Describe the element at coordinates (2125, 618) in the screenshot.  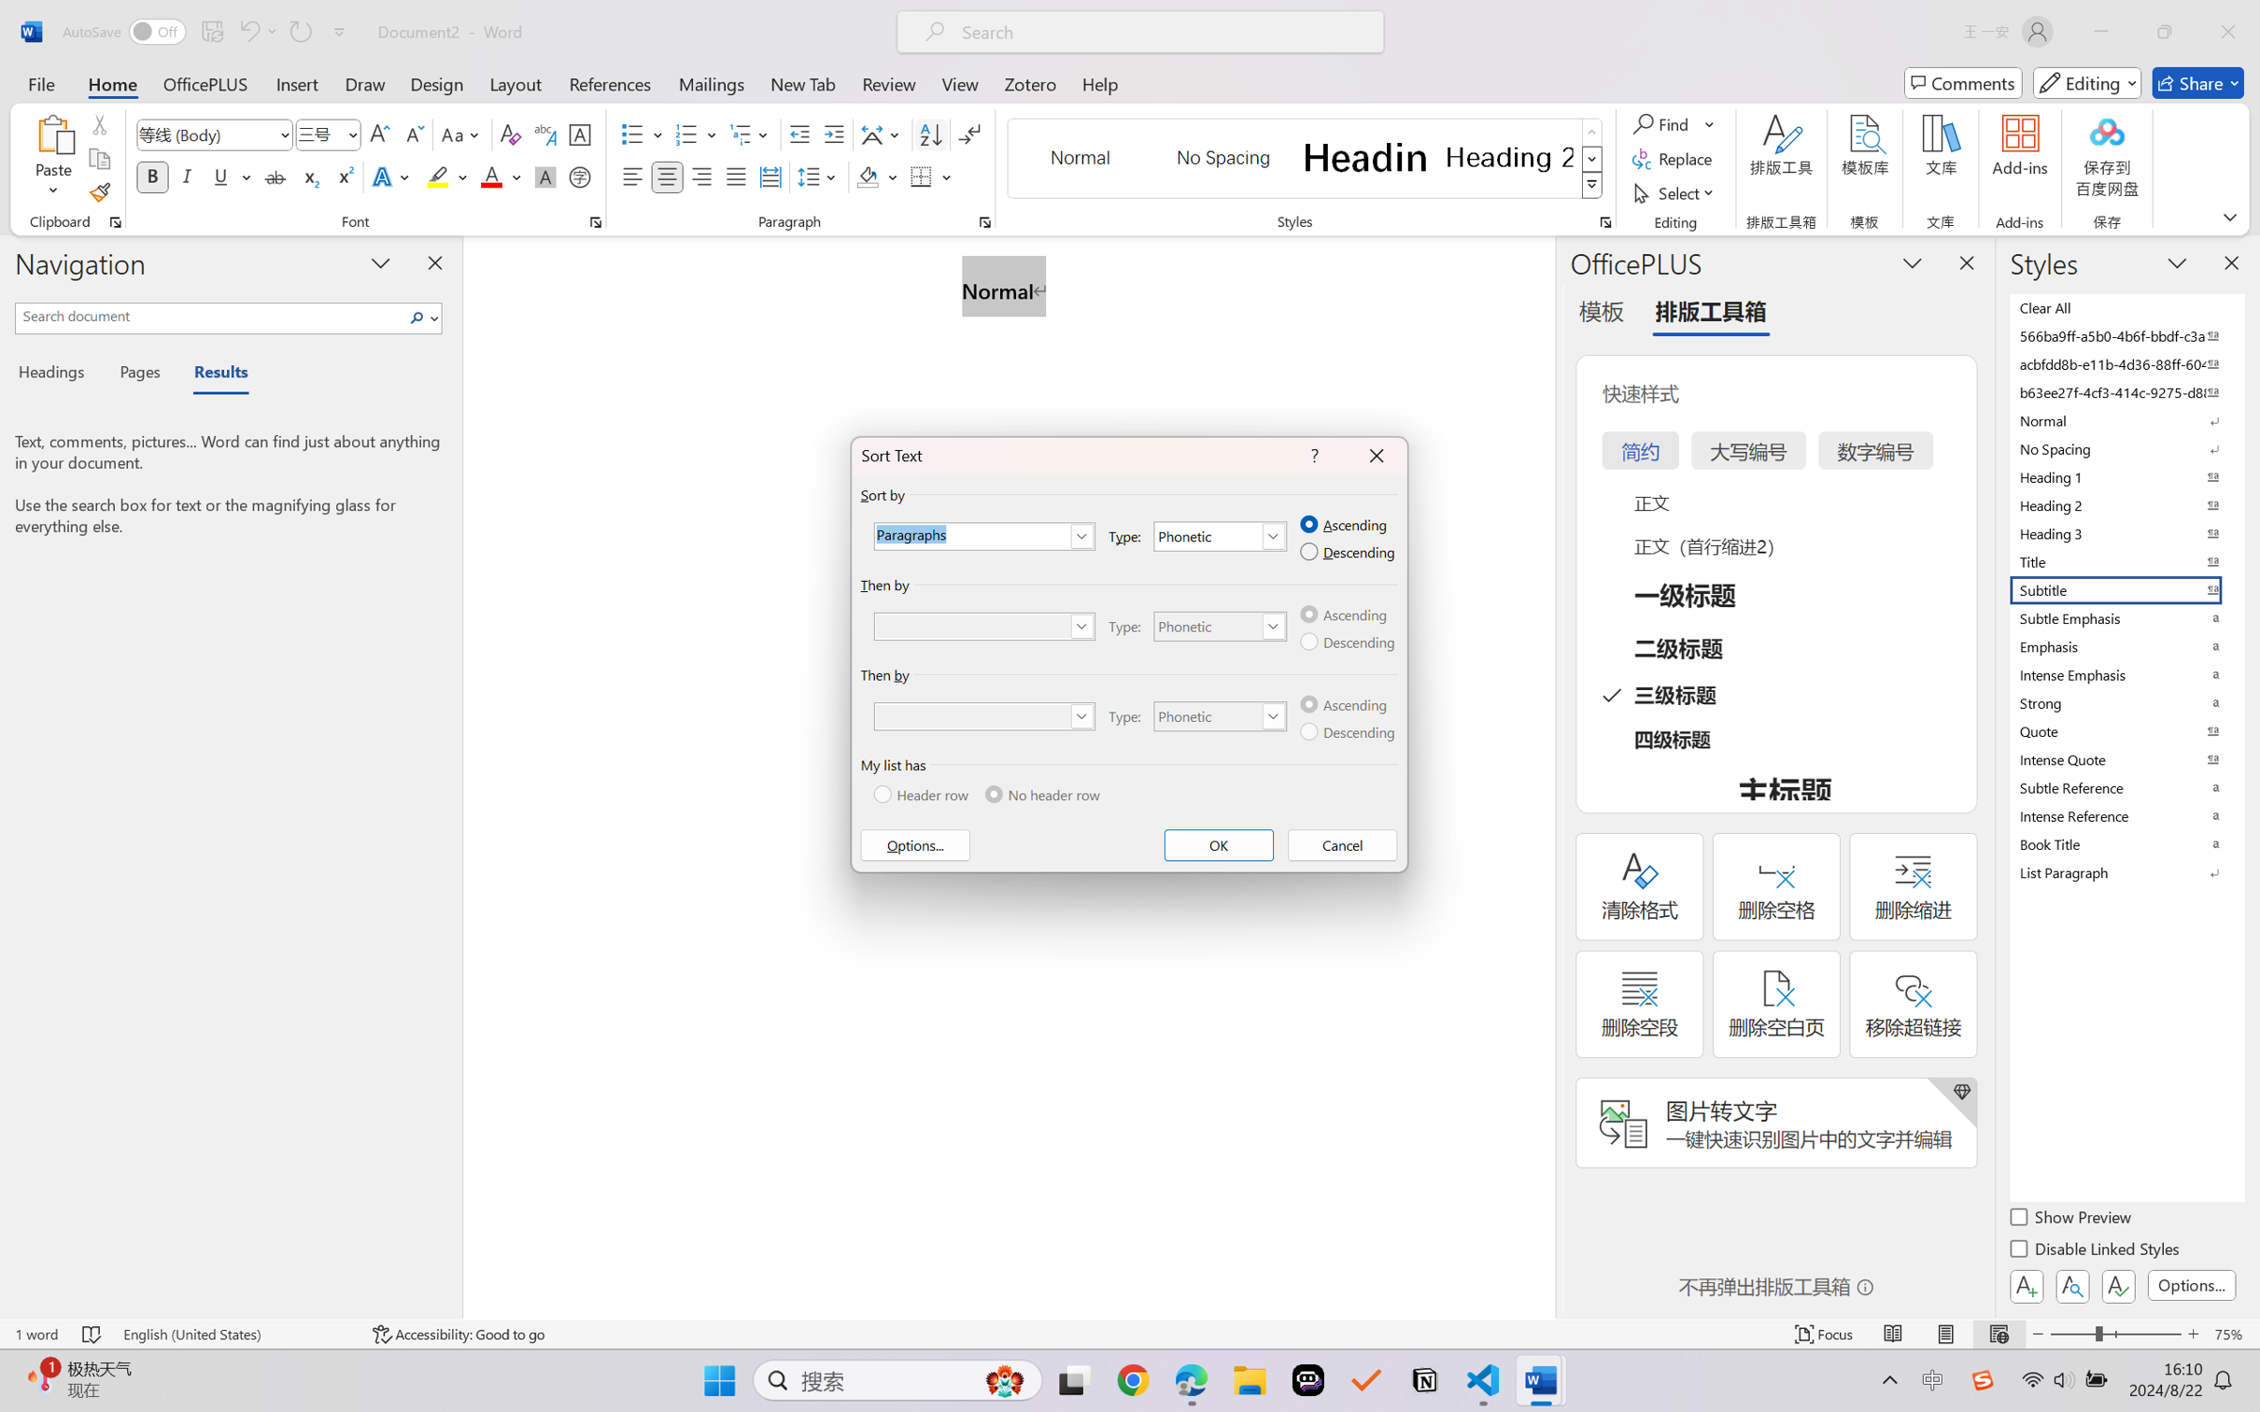
I see `'Subtle Emphasis'` at that location.